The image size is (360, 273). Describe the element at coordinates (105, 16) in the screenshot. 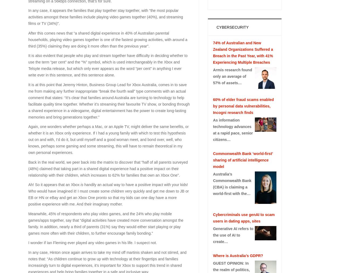

I see `'In any case, it appears the families that play together stay together, with “the most popular activities amongst these families include playing video games together (40%), and streaming films or TV (34%)".'` at that location.